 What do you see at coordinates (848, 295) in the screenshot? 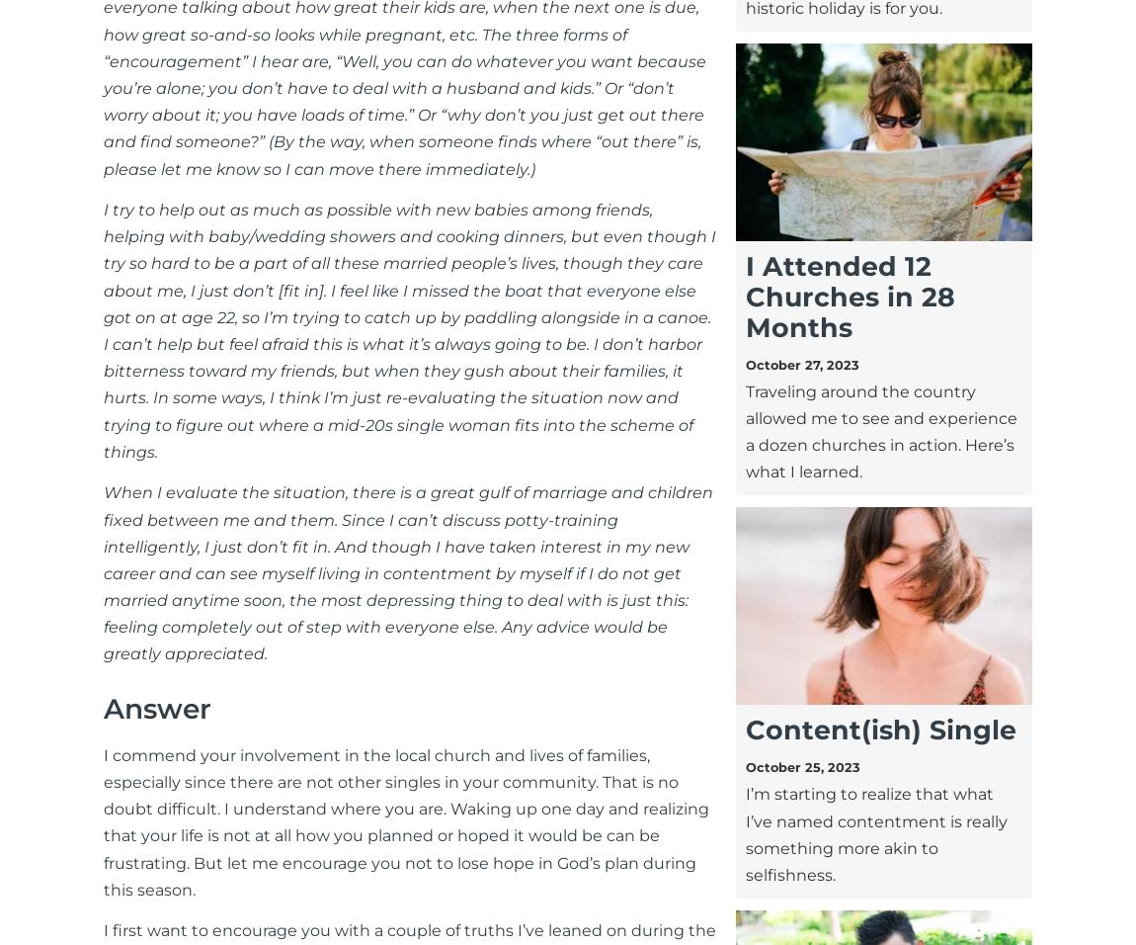
I see `'I Attended 12 Churches in 28 Months'` at bounding box center [848, 295].